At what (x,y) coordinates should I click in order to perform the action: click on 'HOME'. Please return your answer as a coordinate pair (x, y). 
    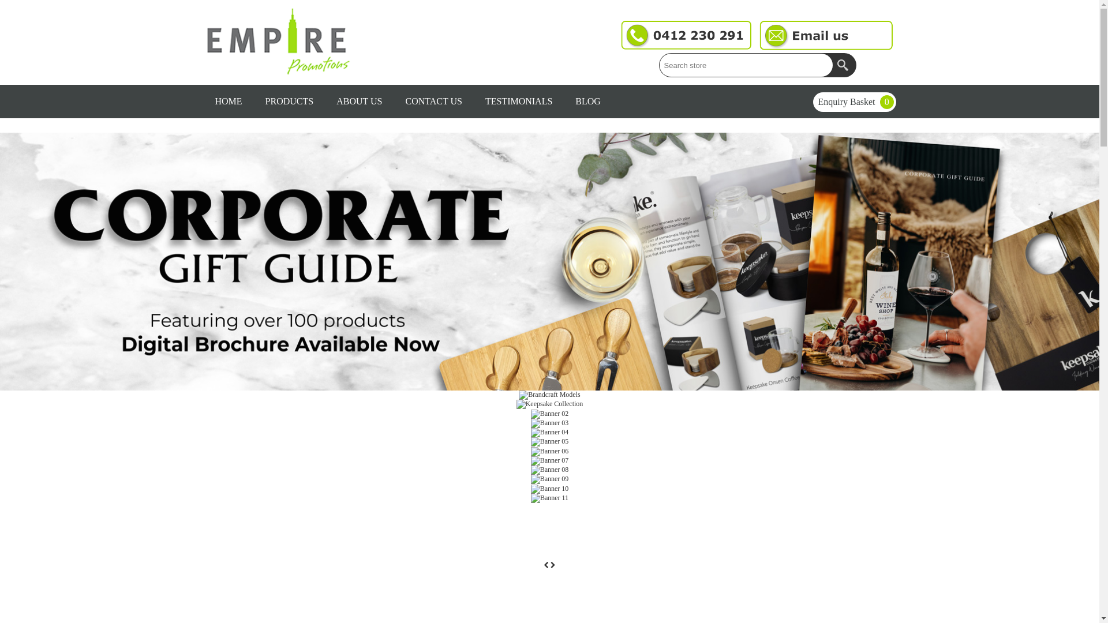
    Looking at the image, I should click on (228, 101).